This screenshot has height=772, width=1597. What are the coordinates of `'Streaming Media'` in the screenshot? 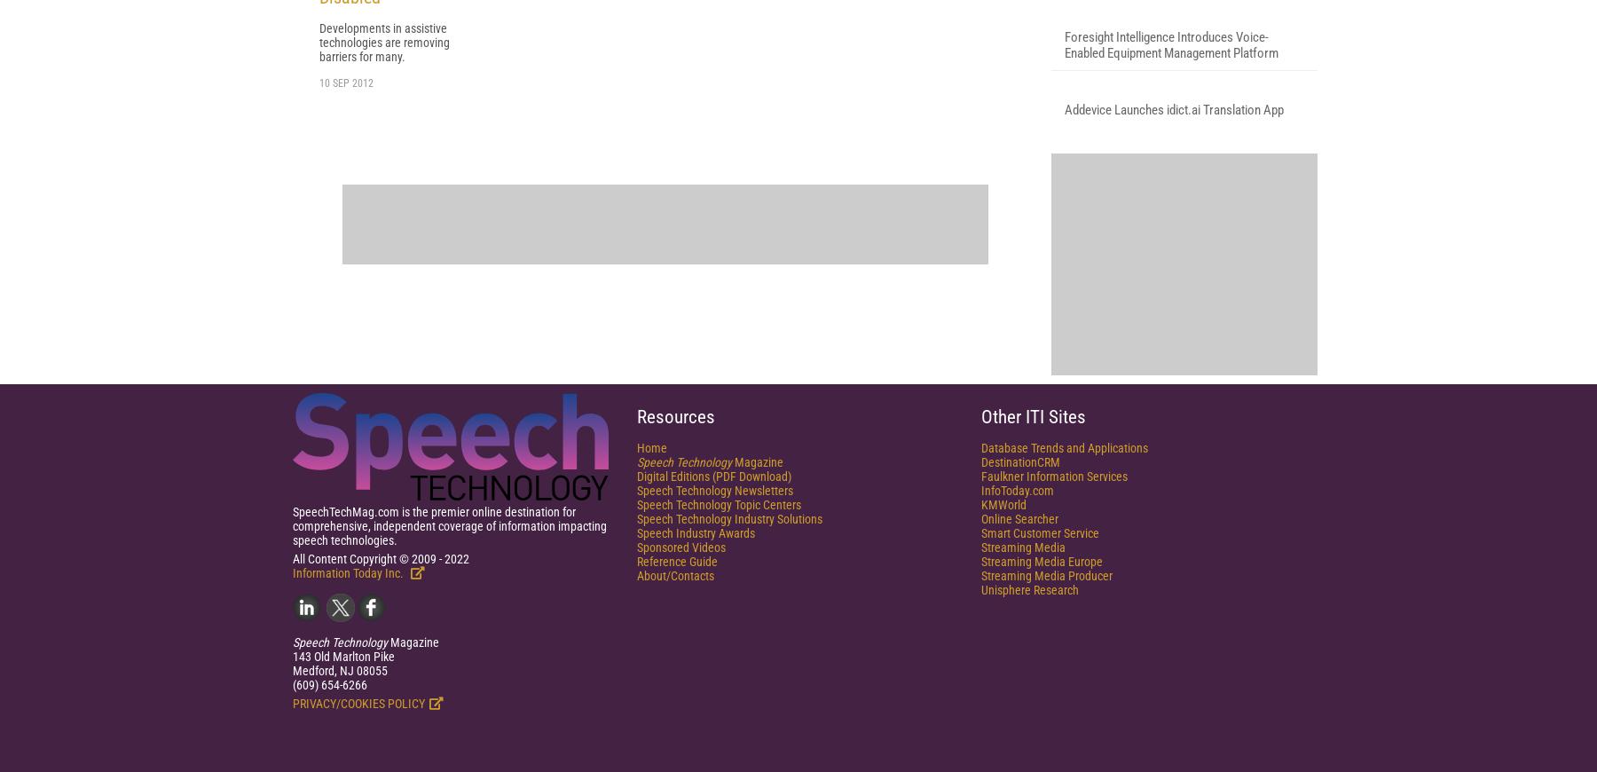 It's located at (980, 760).